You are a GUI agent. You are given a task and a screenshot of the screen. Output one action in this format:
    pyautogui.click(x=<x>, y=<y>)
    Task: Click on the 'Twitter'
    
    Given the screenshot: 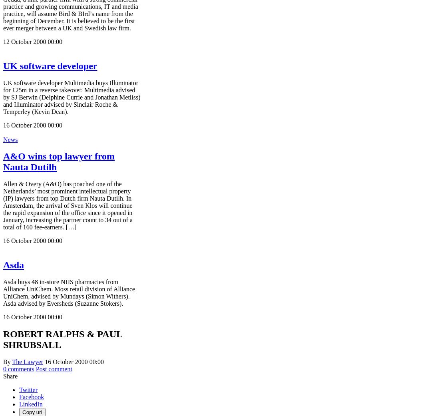 What is the action you would take?
    pyautogui.click(x=28, y=390)
    